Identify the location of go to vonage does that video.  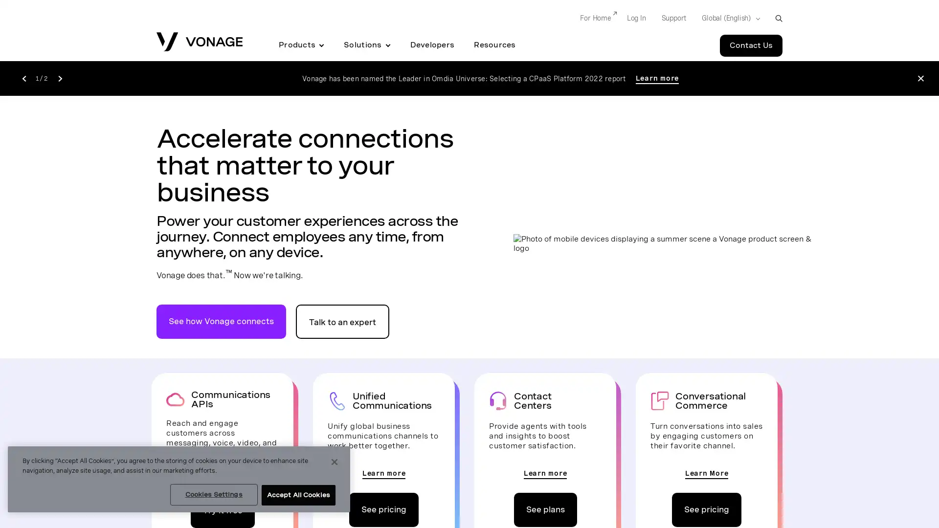
(221, 321).